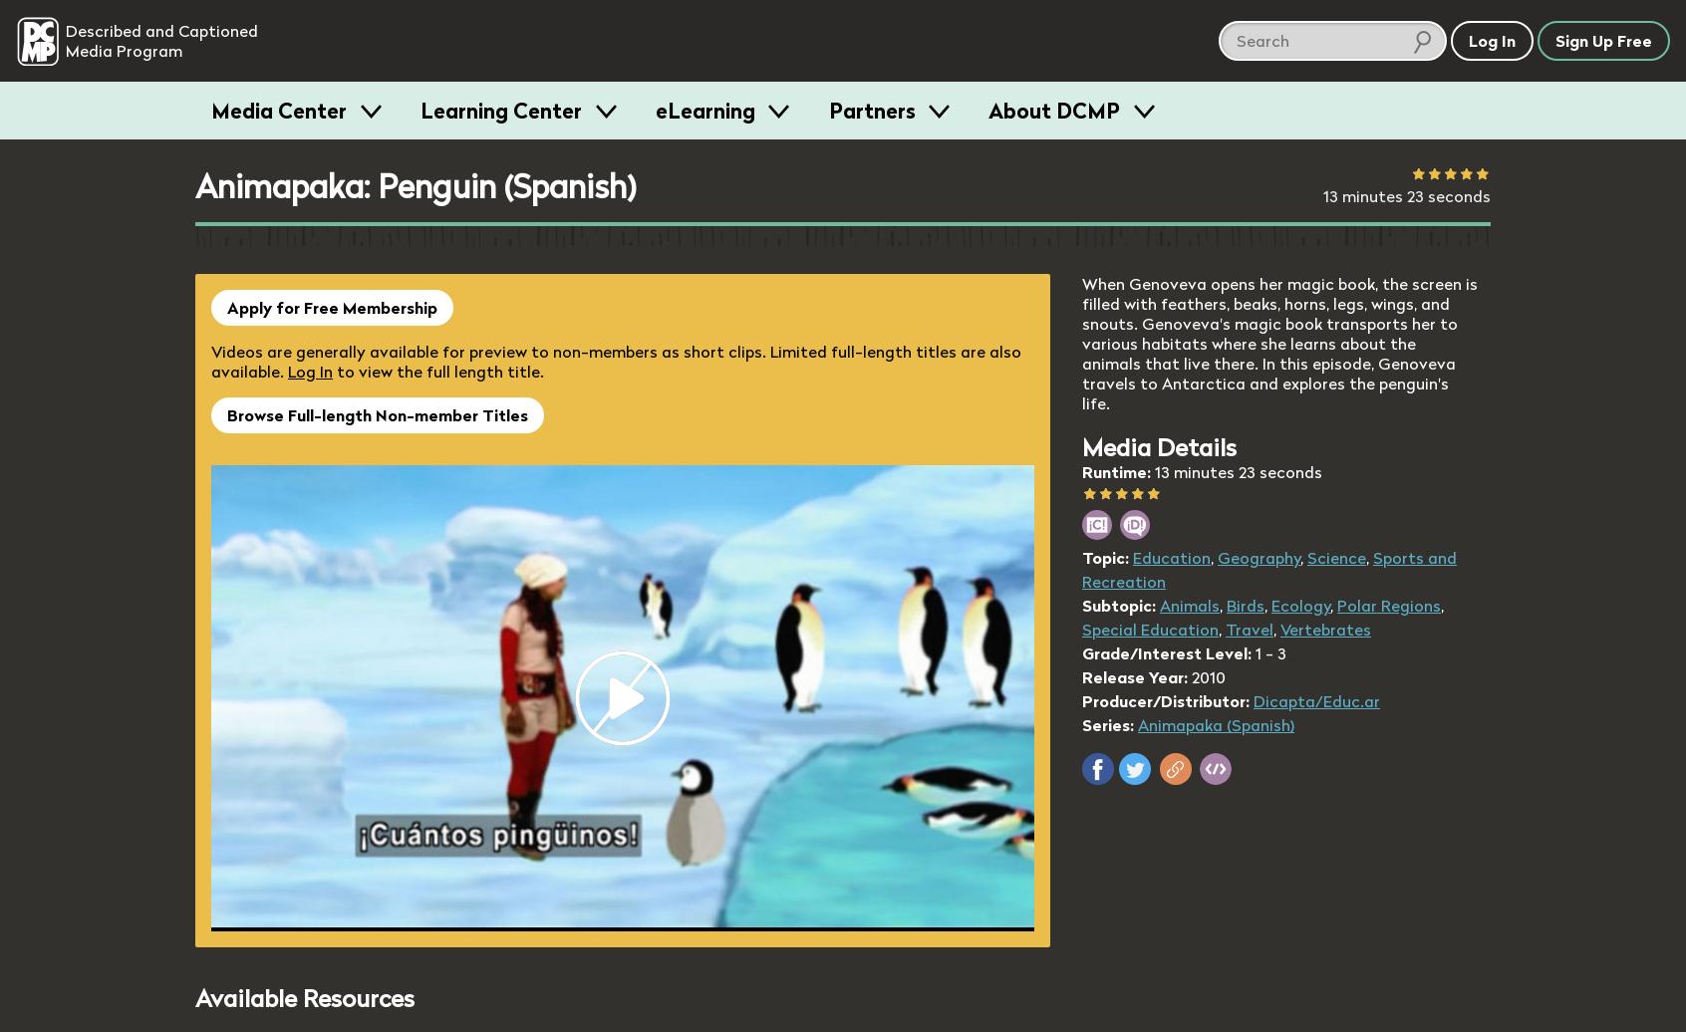 This screenshot has height=1032, width=1686. Describe the element at coordinates (1116, 471) in the screenshot. I see `'Runtime:'` at that location.